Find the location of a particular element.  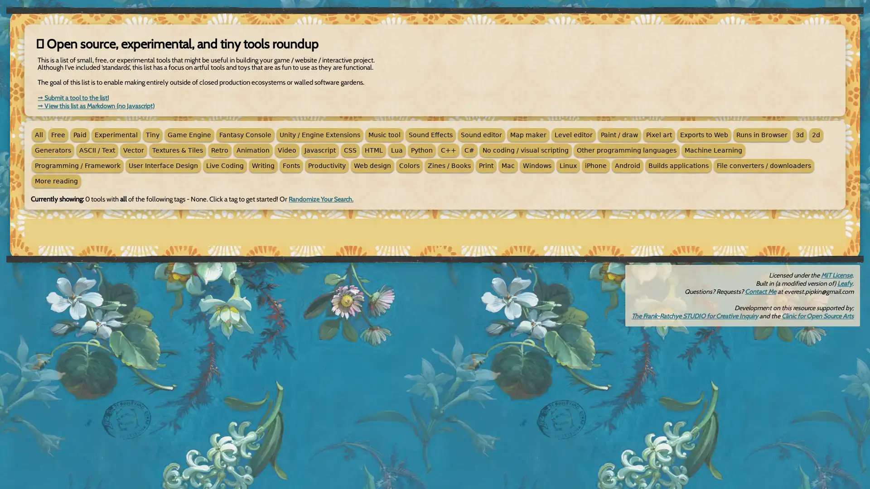

Linux is located at coordinates (567, 166).